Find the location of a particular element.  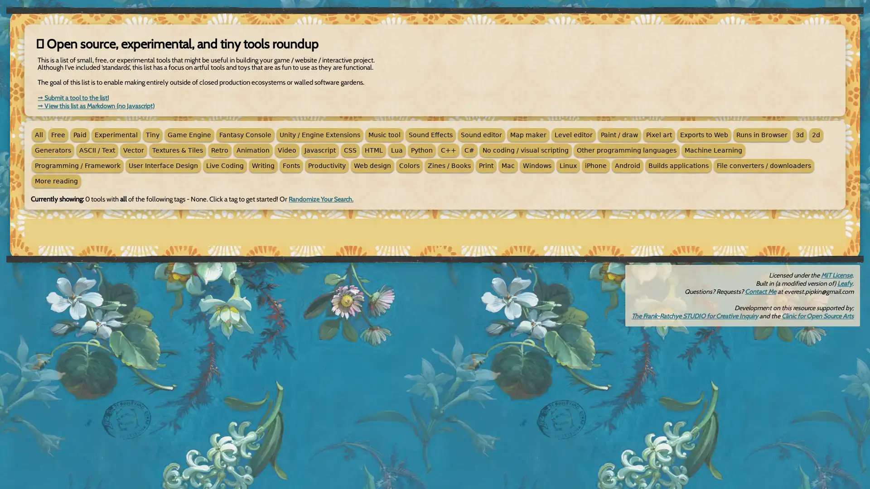

Linux is located at coordinates (567, 166).